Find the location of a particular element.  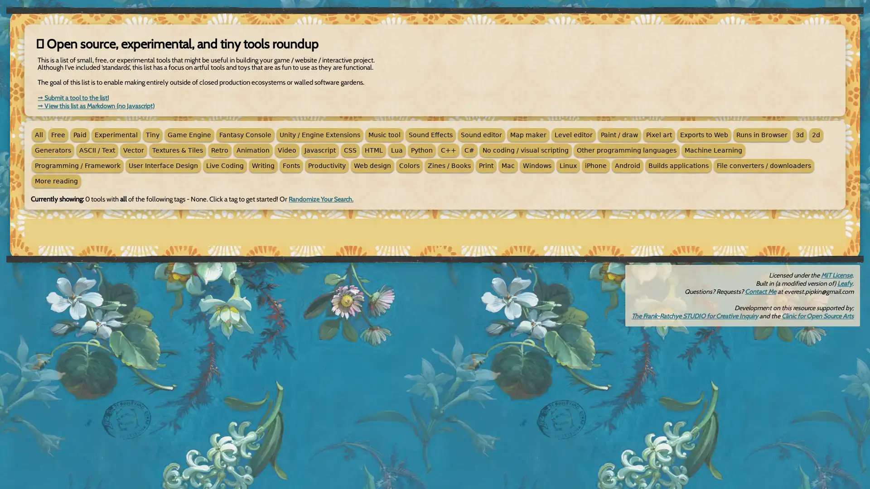

Linux is located at coordinates (567, 166).